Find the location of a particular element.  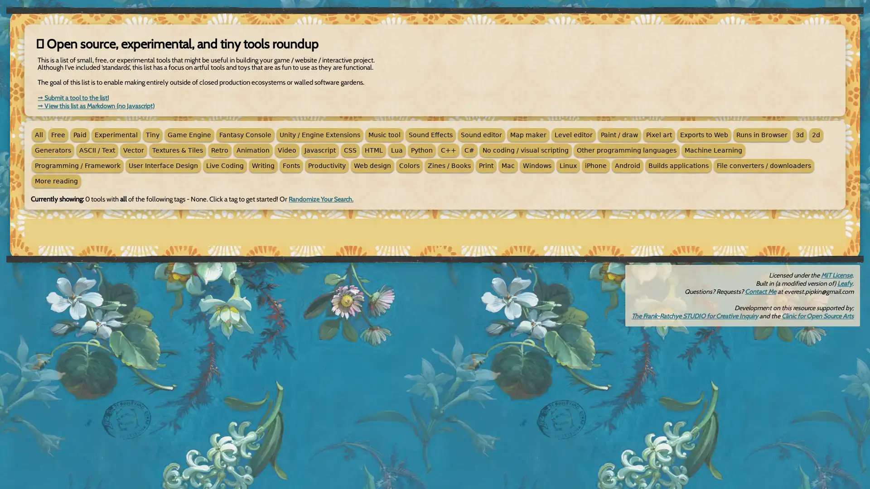

Linux is located at coordinates (567, 166).